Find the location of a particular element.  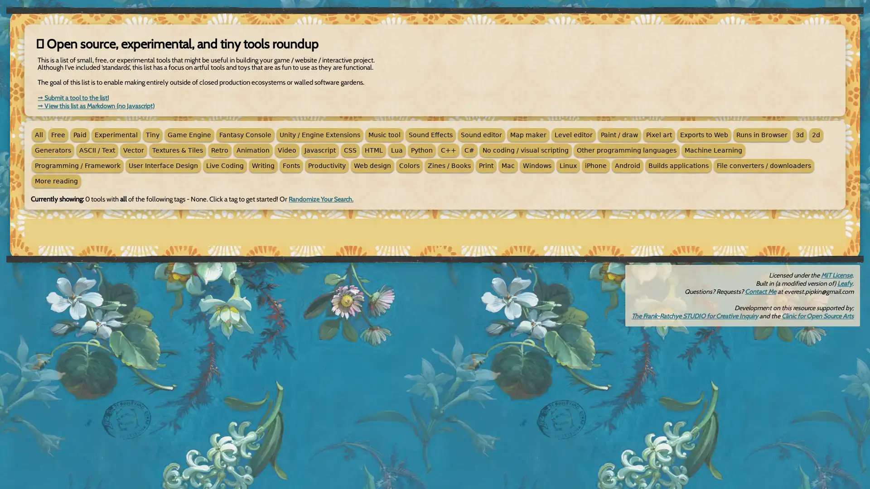

Linux is located at coordinates (567, 166).